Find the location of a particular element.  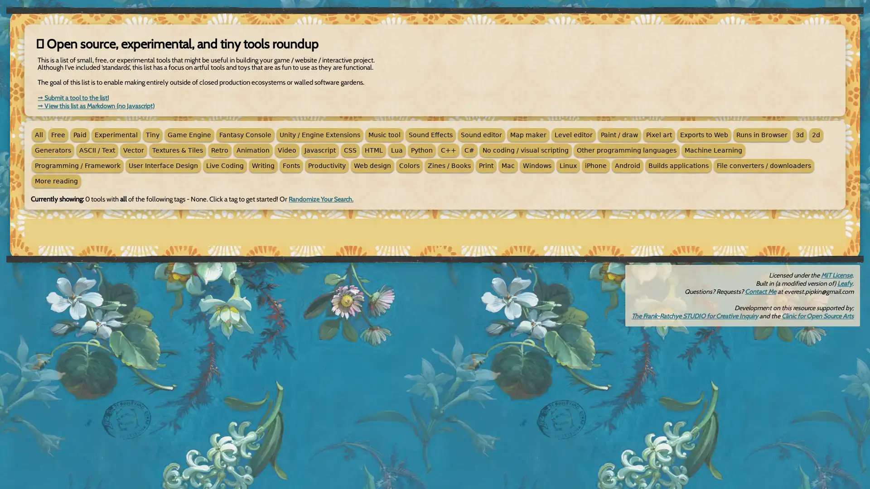

Linux is located at coordinates (567, 166).